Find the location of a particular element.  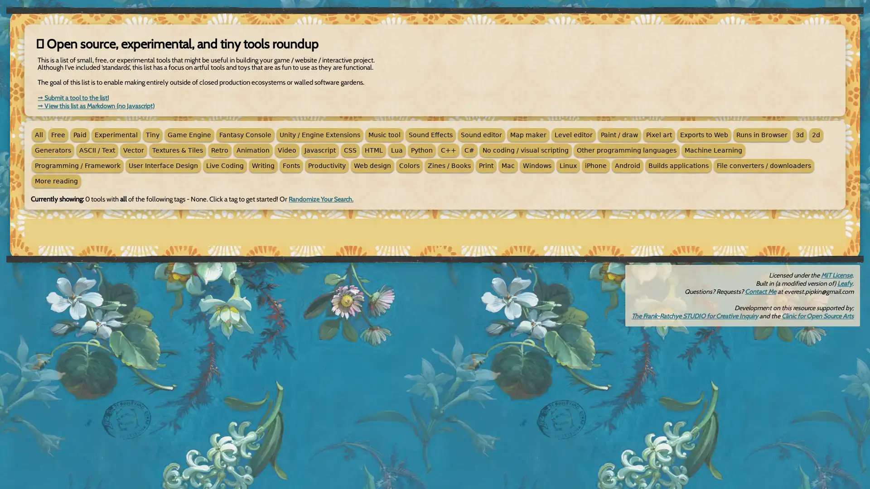

Linux is located at coordinates (567, 166).